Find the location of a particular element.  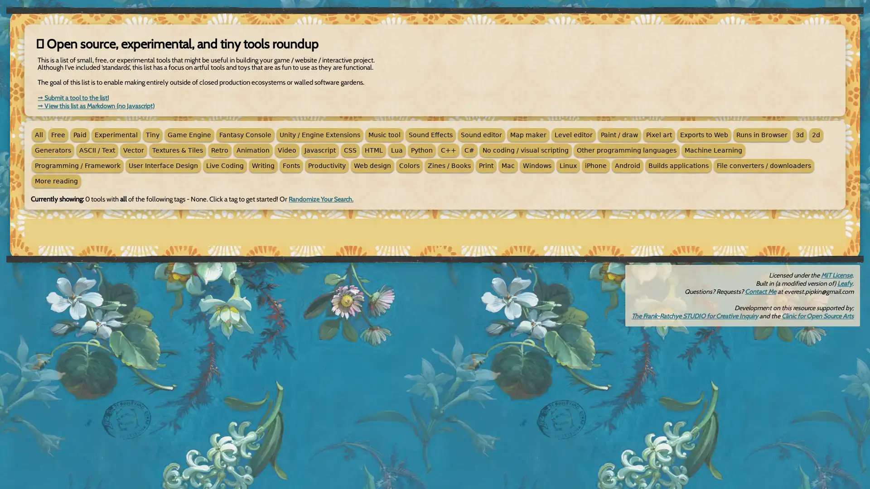

Linux is located at coordinates (567, 166).